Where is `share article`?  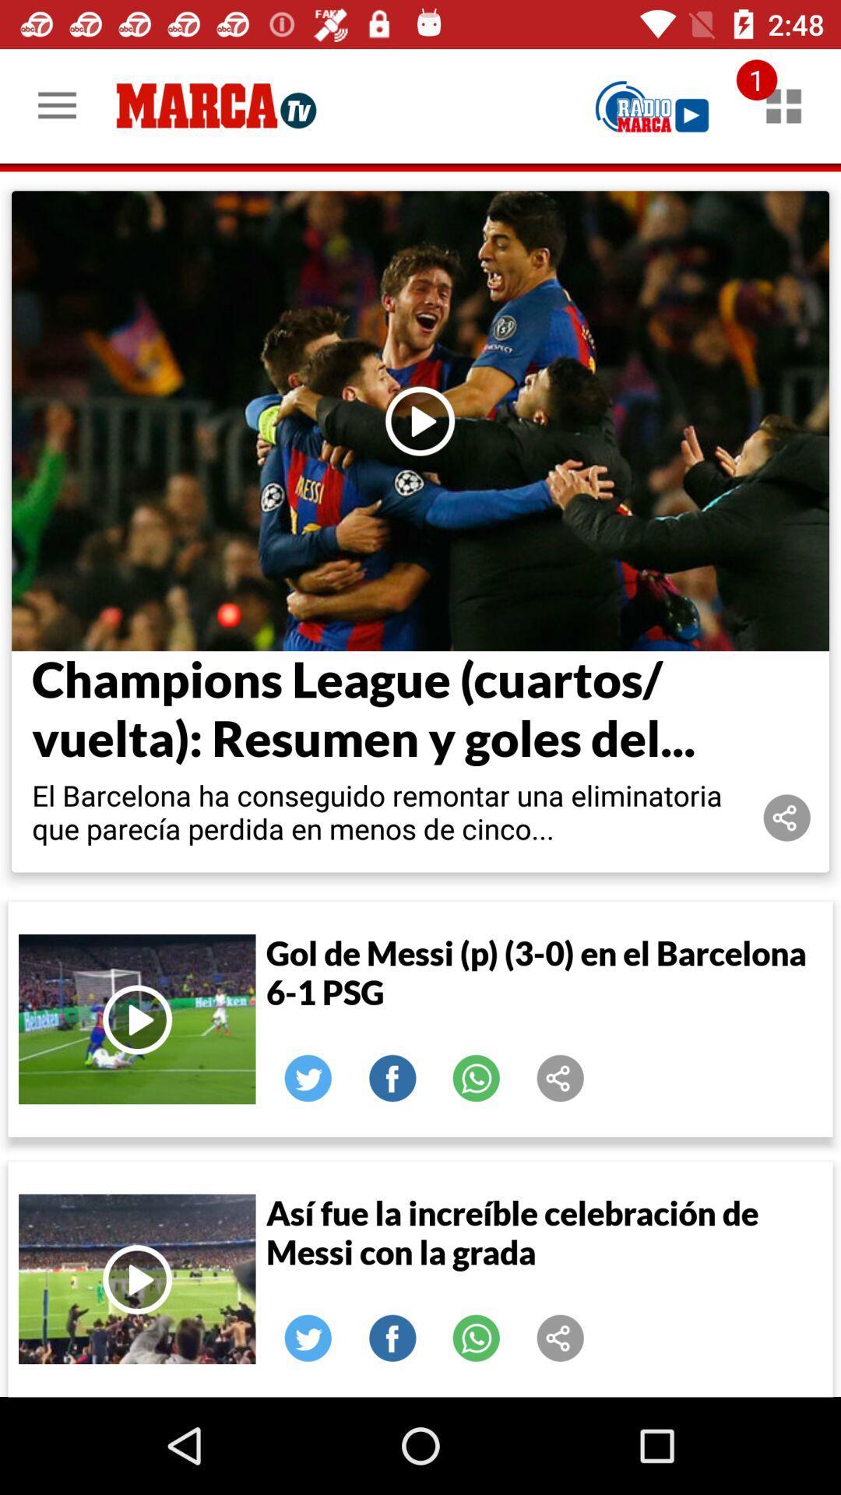
share article is located at coordinates (561, 1337).